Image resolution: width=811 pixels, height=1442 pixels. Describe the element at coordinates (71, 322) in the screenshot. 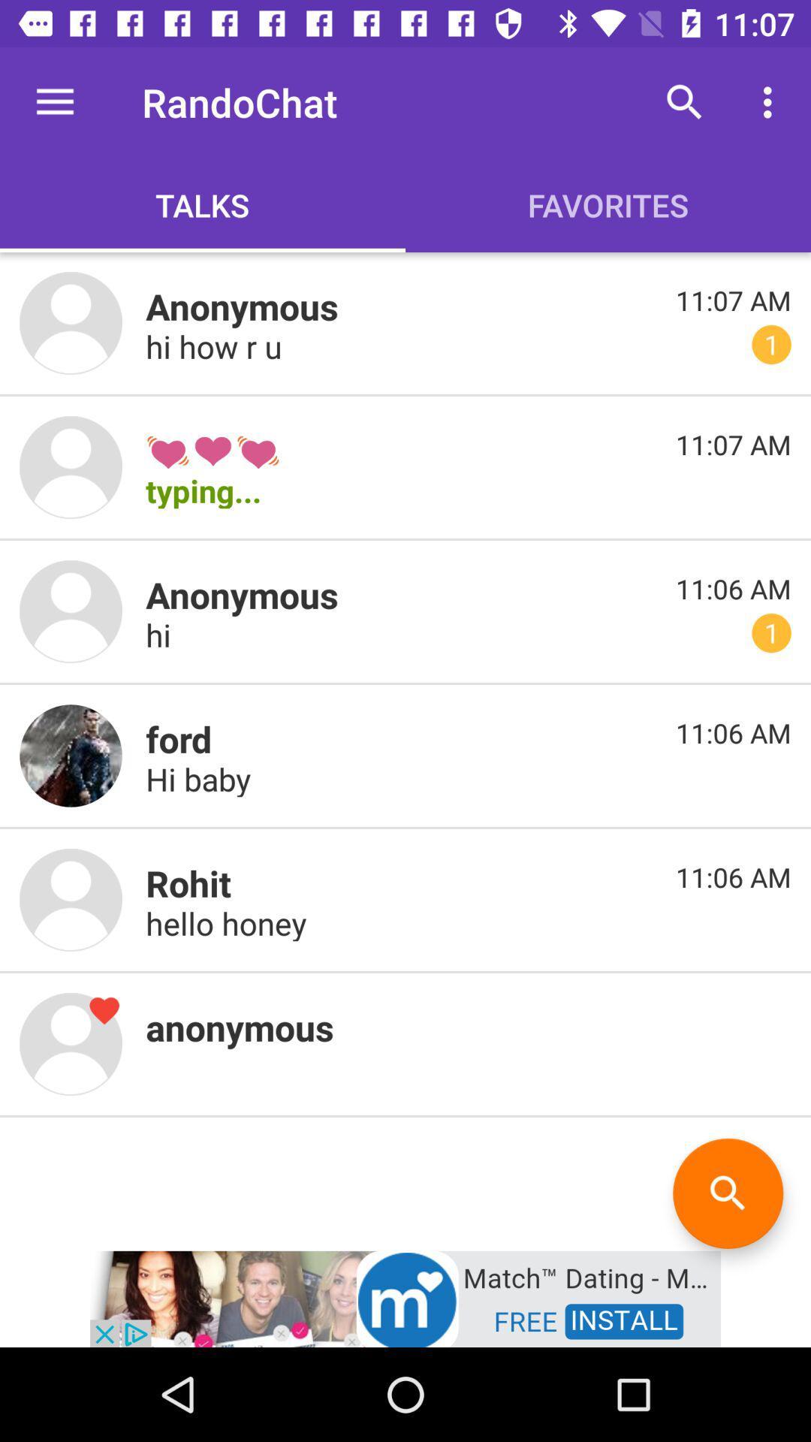

I see `view profile picture` at that location.